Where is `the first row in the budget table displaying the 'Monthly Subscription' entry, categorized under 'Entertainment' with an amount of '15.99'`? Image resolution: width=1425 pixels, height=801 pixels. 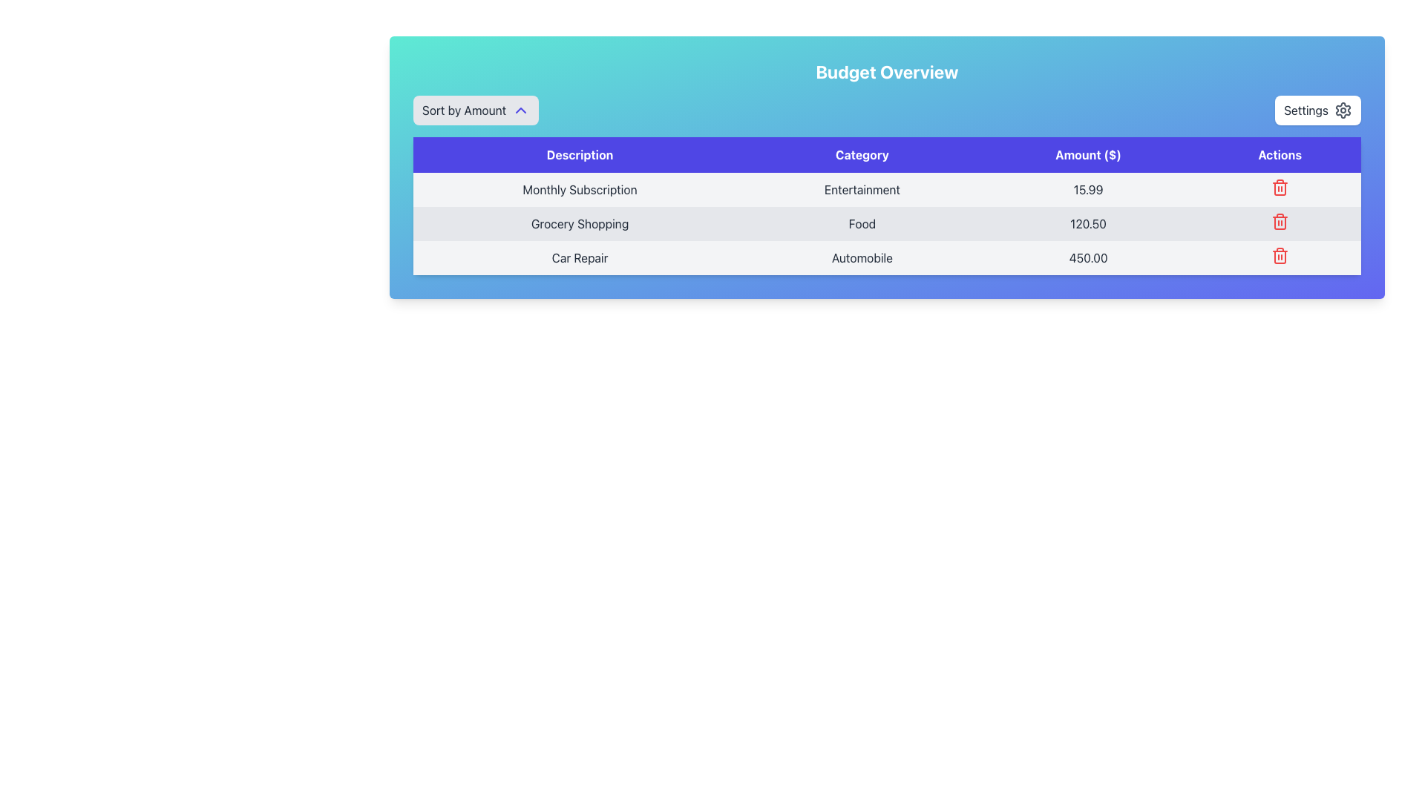
the first row in the budget table displaying the 'Monthly Subscription' entry, categorized under 'Entertainment' with an amount of '15.99' is located at coordinates (887, 188).